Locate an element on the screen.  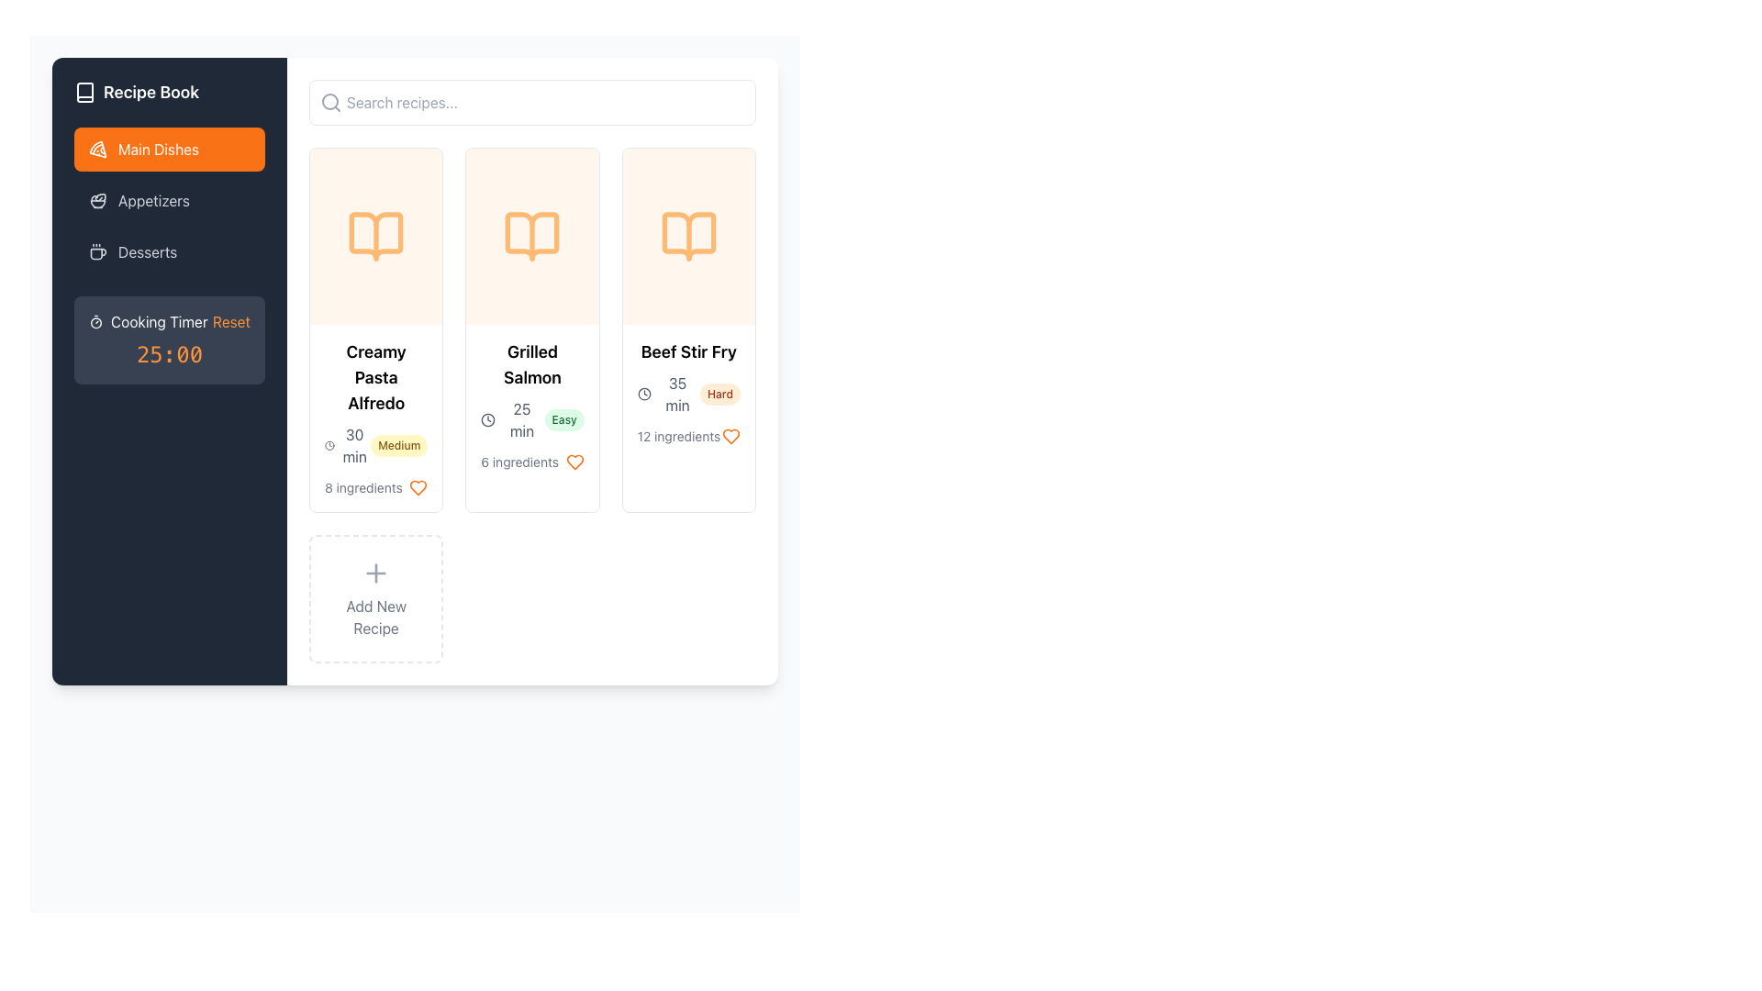
the heart-shaped orange button located next to the '6 ingredients' text to mark the recipe as favorite is located at coordinates (574, 462).